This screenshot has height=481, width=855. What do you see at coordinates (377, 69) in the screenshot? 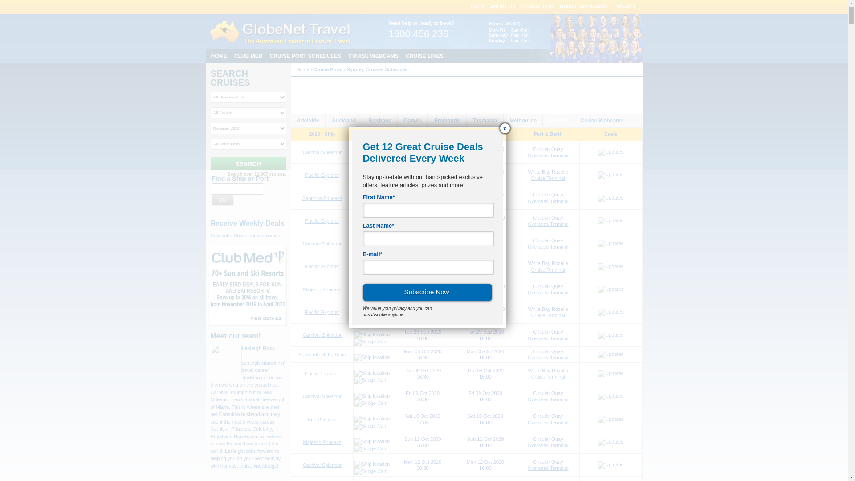
I see `'Sydney Cruises Schedule'` at bounding box center [377, 69].